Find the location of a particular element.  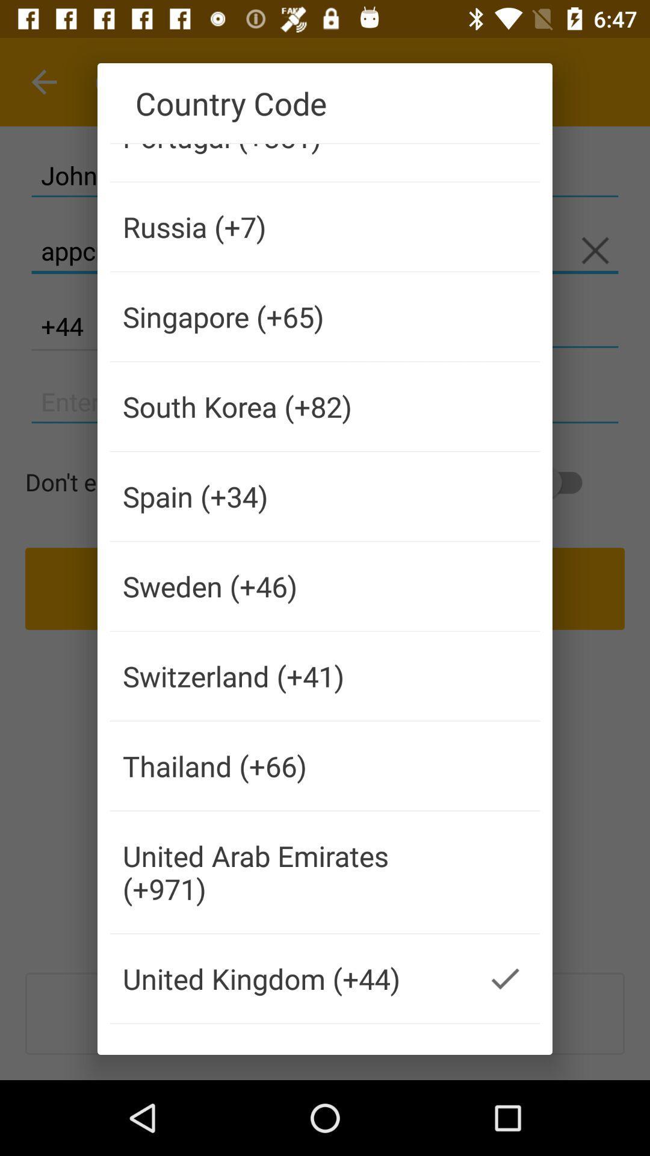

icon below thailand (+66) item is located at coordinates (290, 872).